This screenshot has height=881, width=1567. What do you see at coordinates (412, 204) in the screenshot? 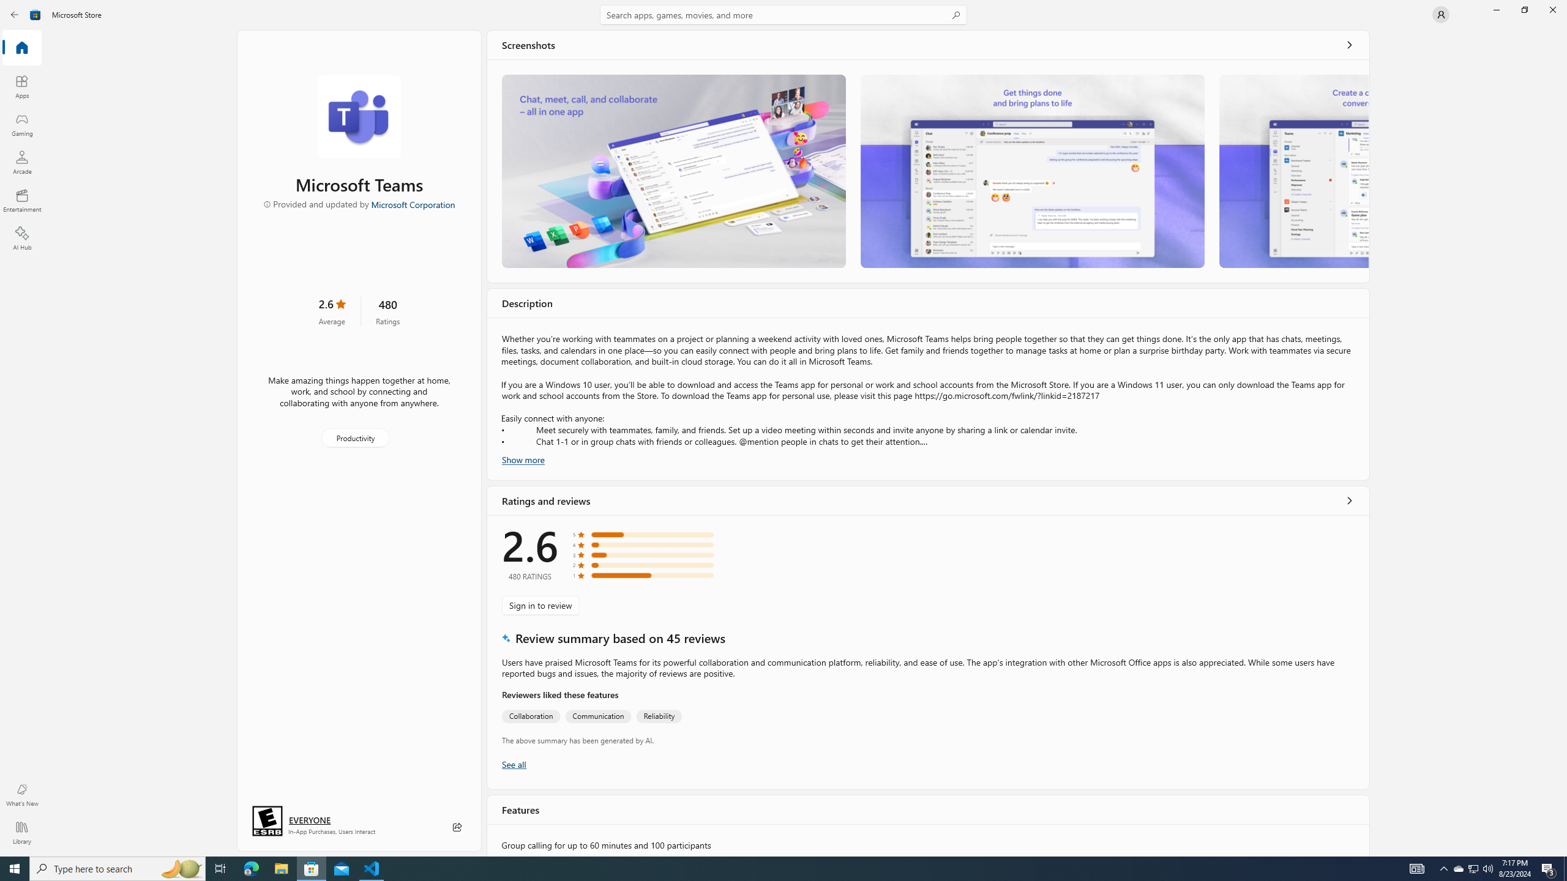
I see `'Microsoft Corporation'` at bounding box center [412, 204].